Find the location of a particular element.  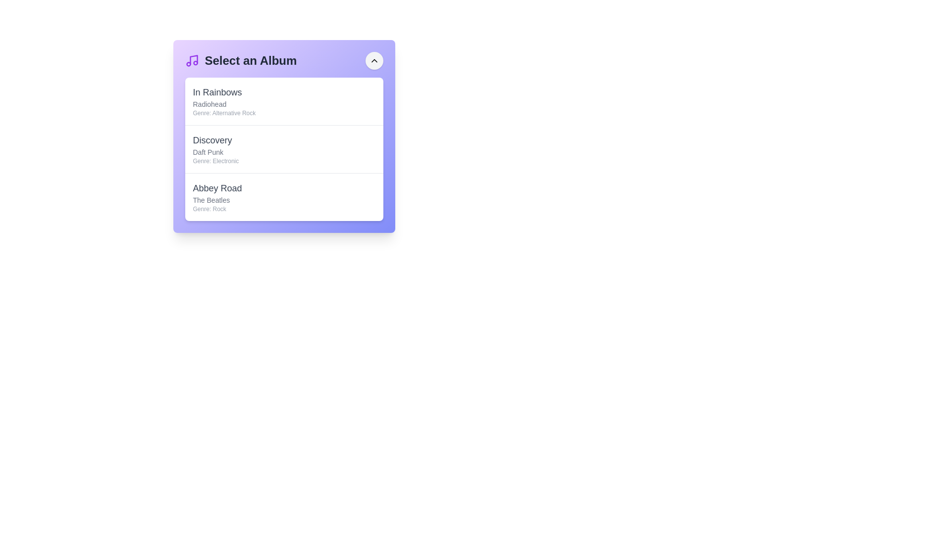

the Text Label displaying 'In Rainbows' in bold gray font, located in the top-left area of the interactive list box is located at coordinates (223, 92).